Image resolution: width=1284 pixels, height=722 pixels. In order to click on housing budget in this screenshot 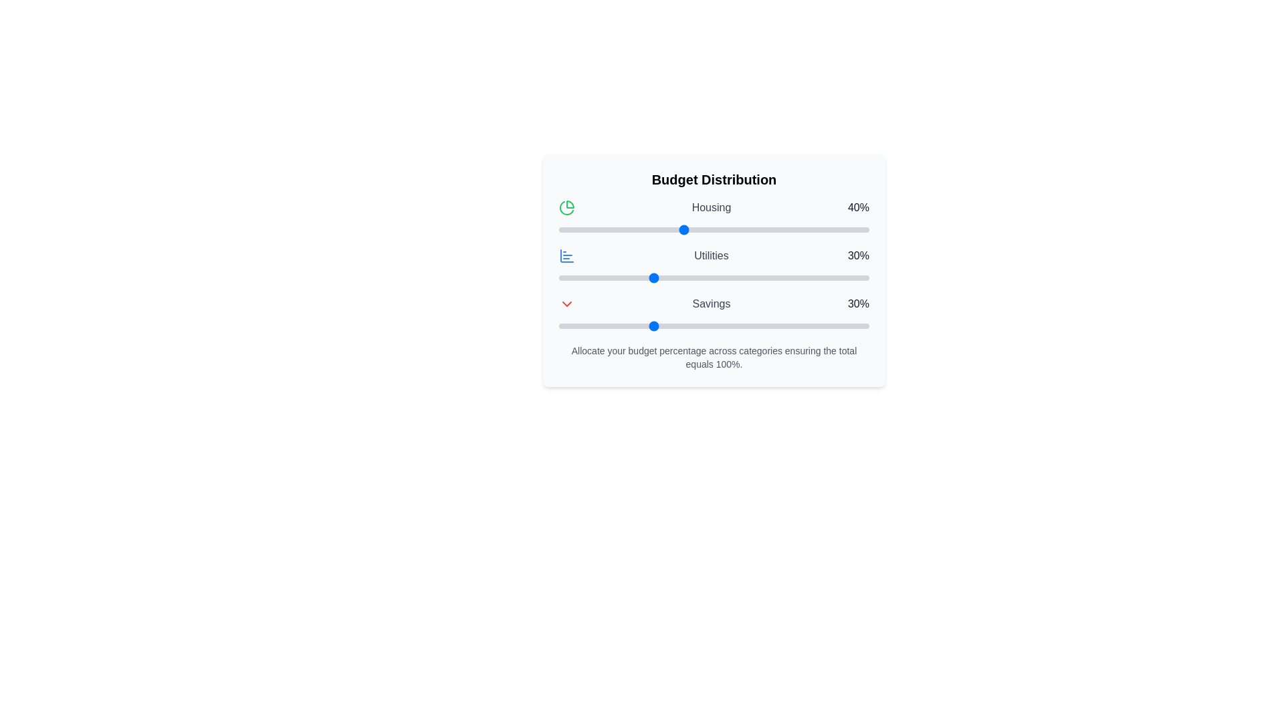, I will do `click(757, 229)`.